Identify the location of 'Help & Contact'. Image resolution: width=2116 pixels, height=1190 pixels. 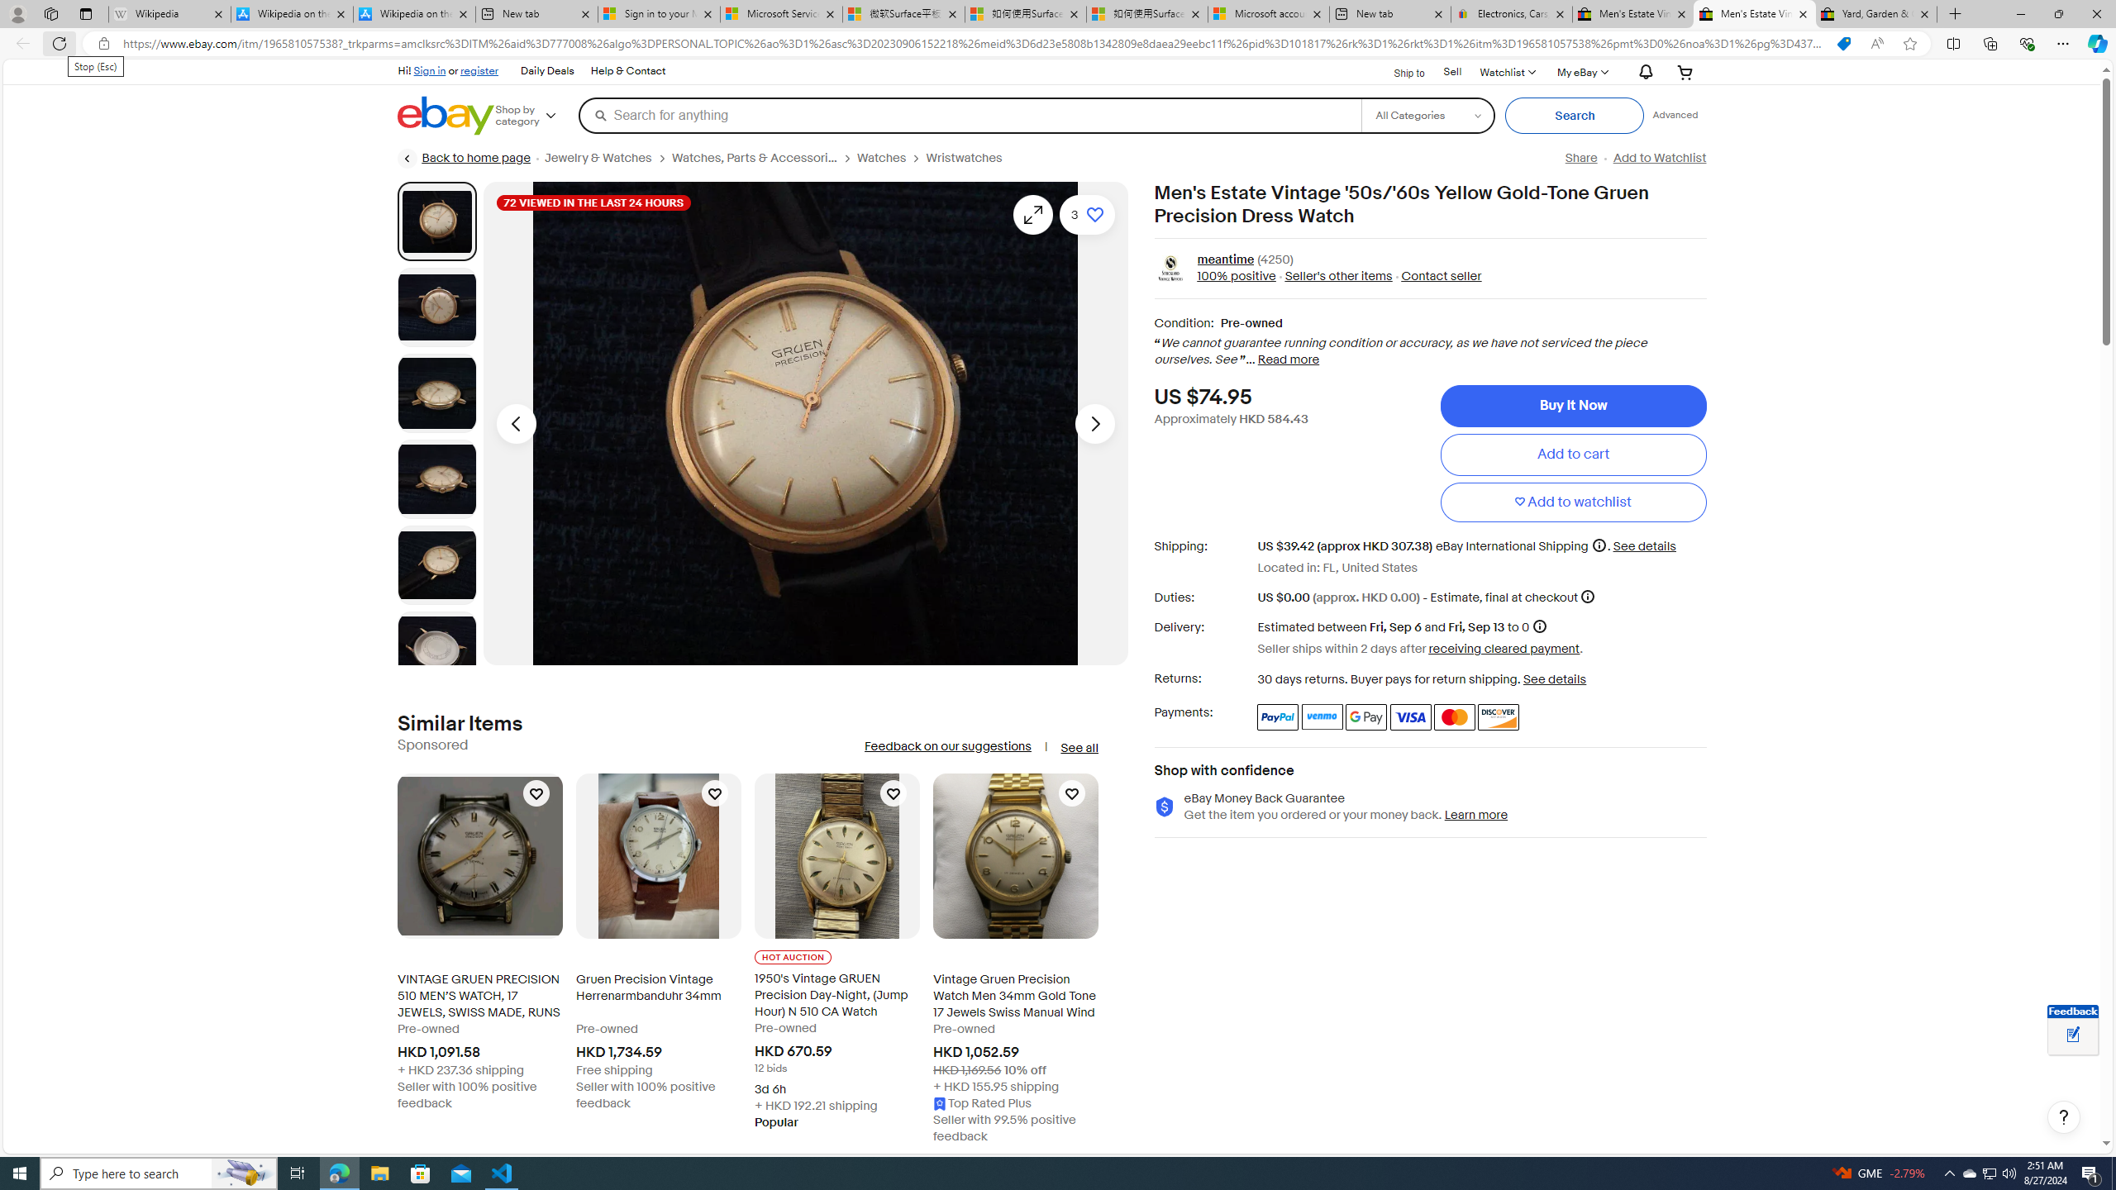
(627, 72).